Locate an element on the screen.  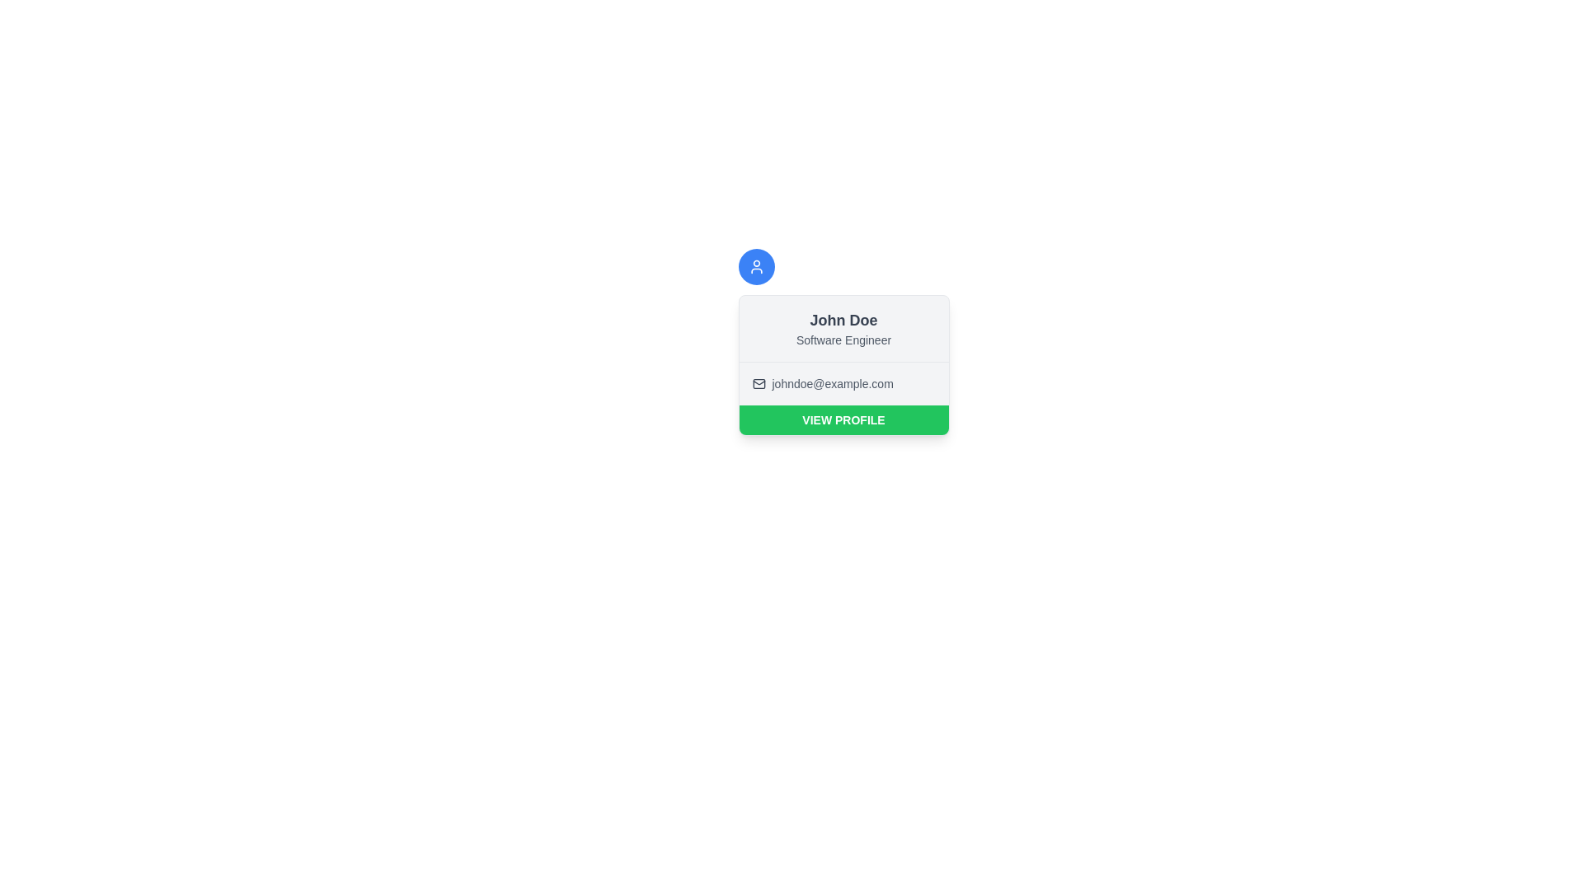
the email icon located to the left of the text 'johndoe@example.com' in the lower section of the user information card is located at coordinates (758, 384).